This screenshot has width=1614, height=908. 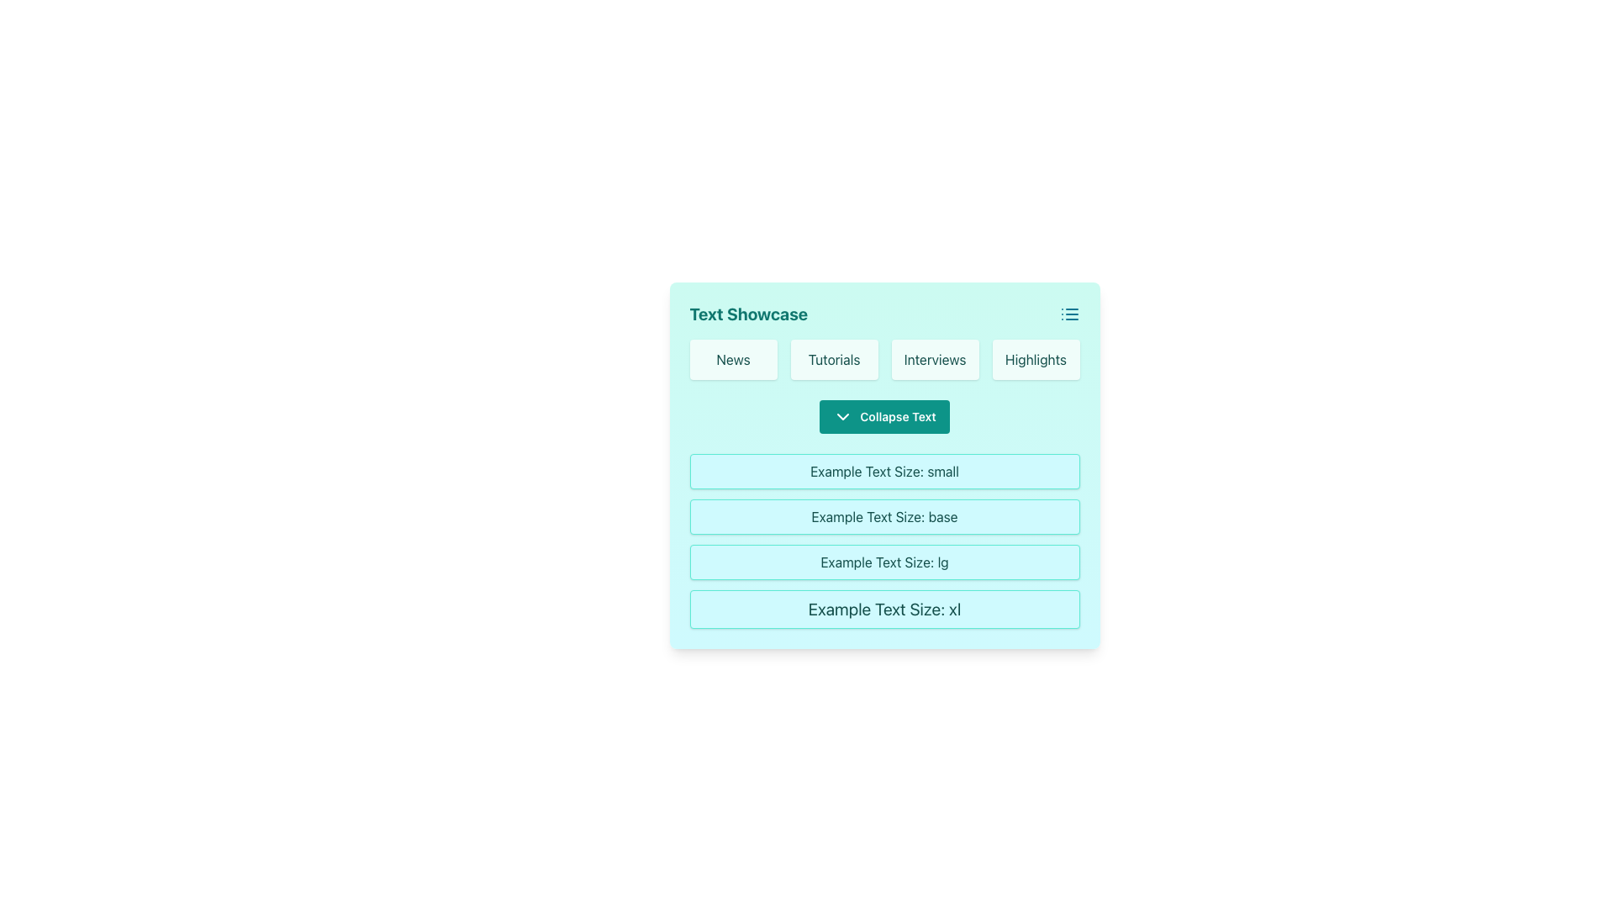 What do you see at coordinates (883, 416) in the screenshot?
I see `the rectangular button with teal background and white text labeled 'Collapse Text', which features a downwards-facing chevron icon` at bounding box center [883, 416].